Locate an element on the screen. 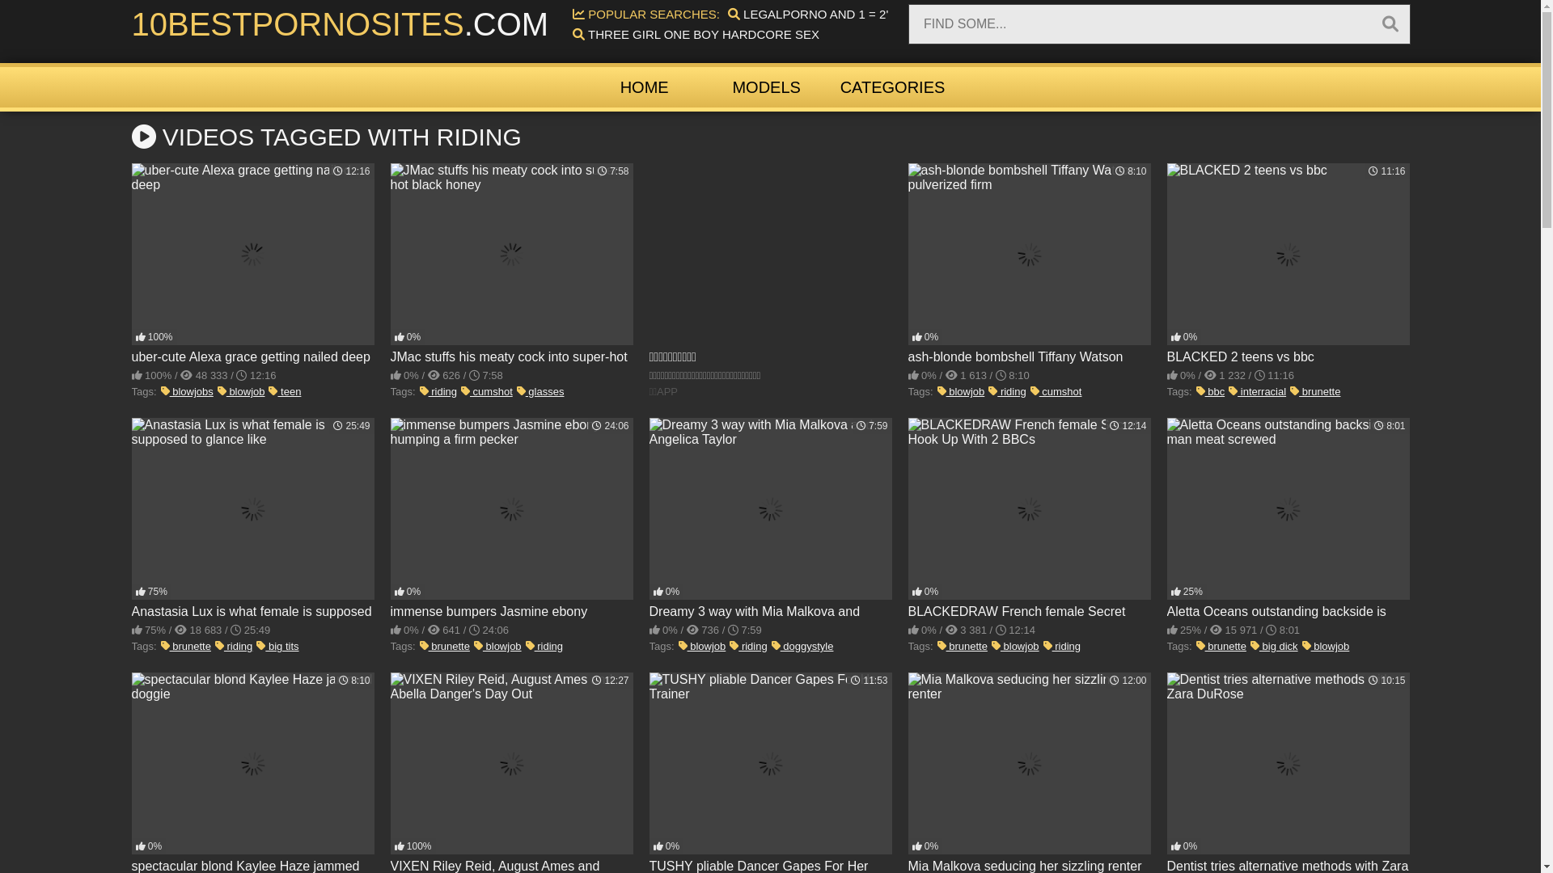 The height and width of the screenshot is (873, 1553). 'Search' is located at coordinates (1389, 24).